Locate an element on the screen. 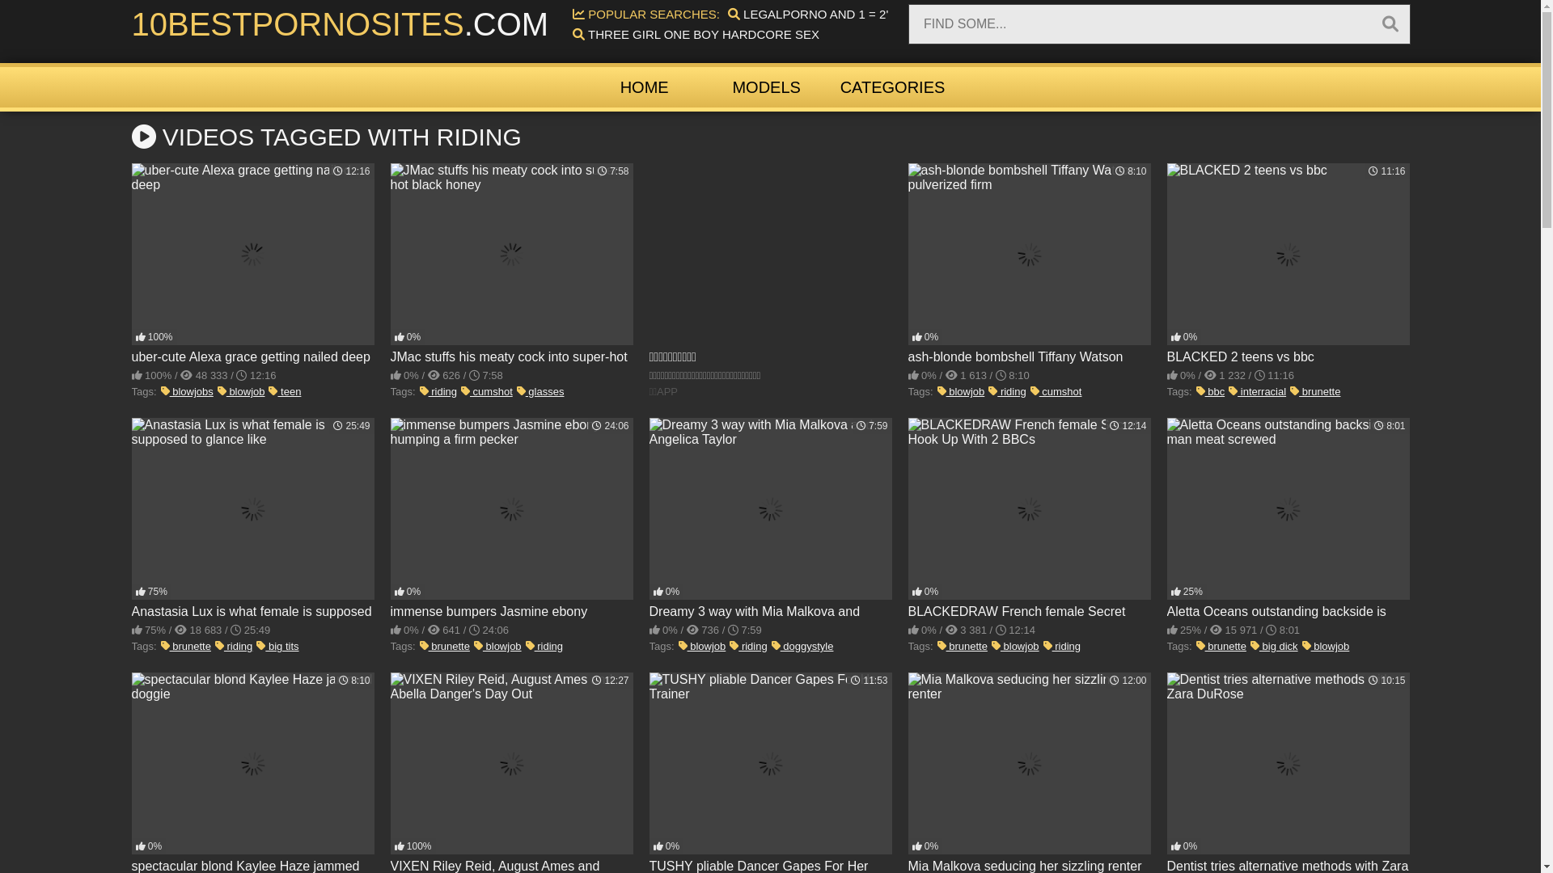 The height and width of the screenshot is (873, 1553). 'Search' is located at coordinates (1389, 24).